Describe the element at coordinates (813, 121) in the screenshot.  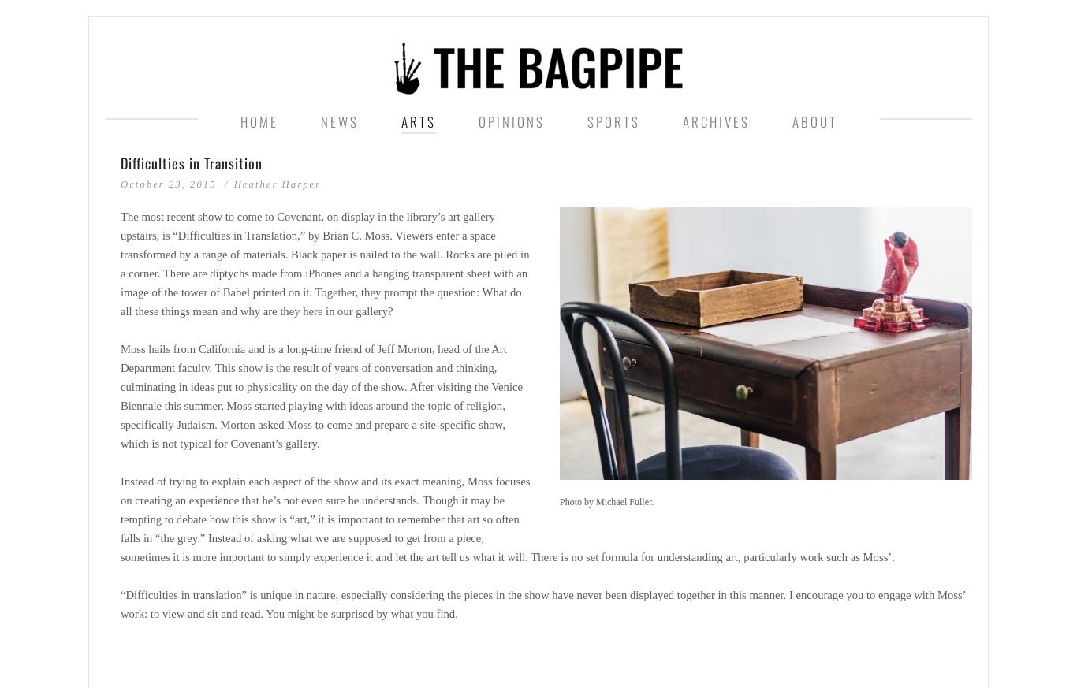
I see `'ABOUT'` at that location.